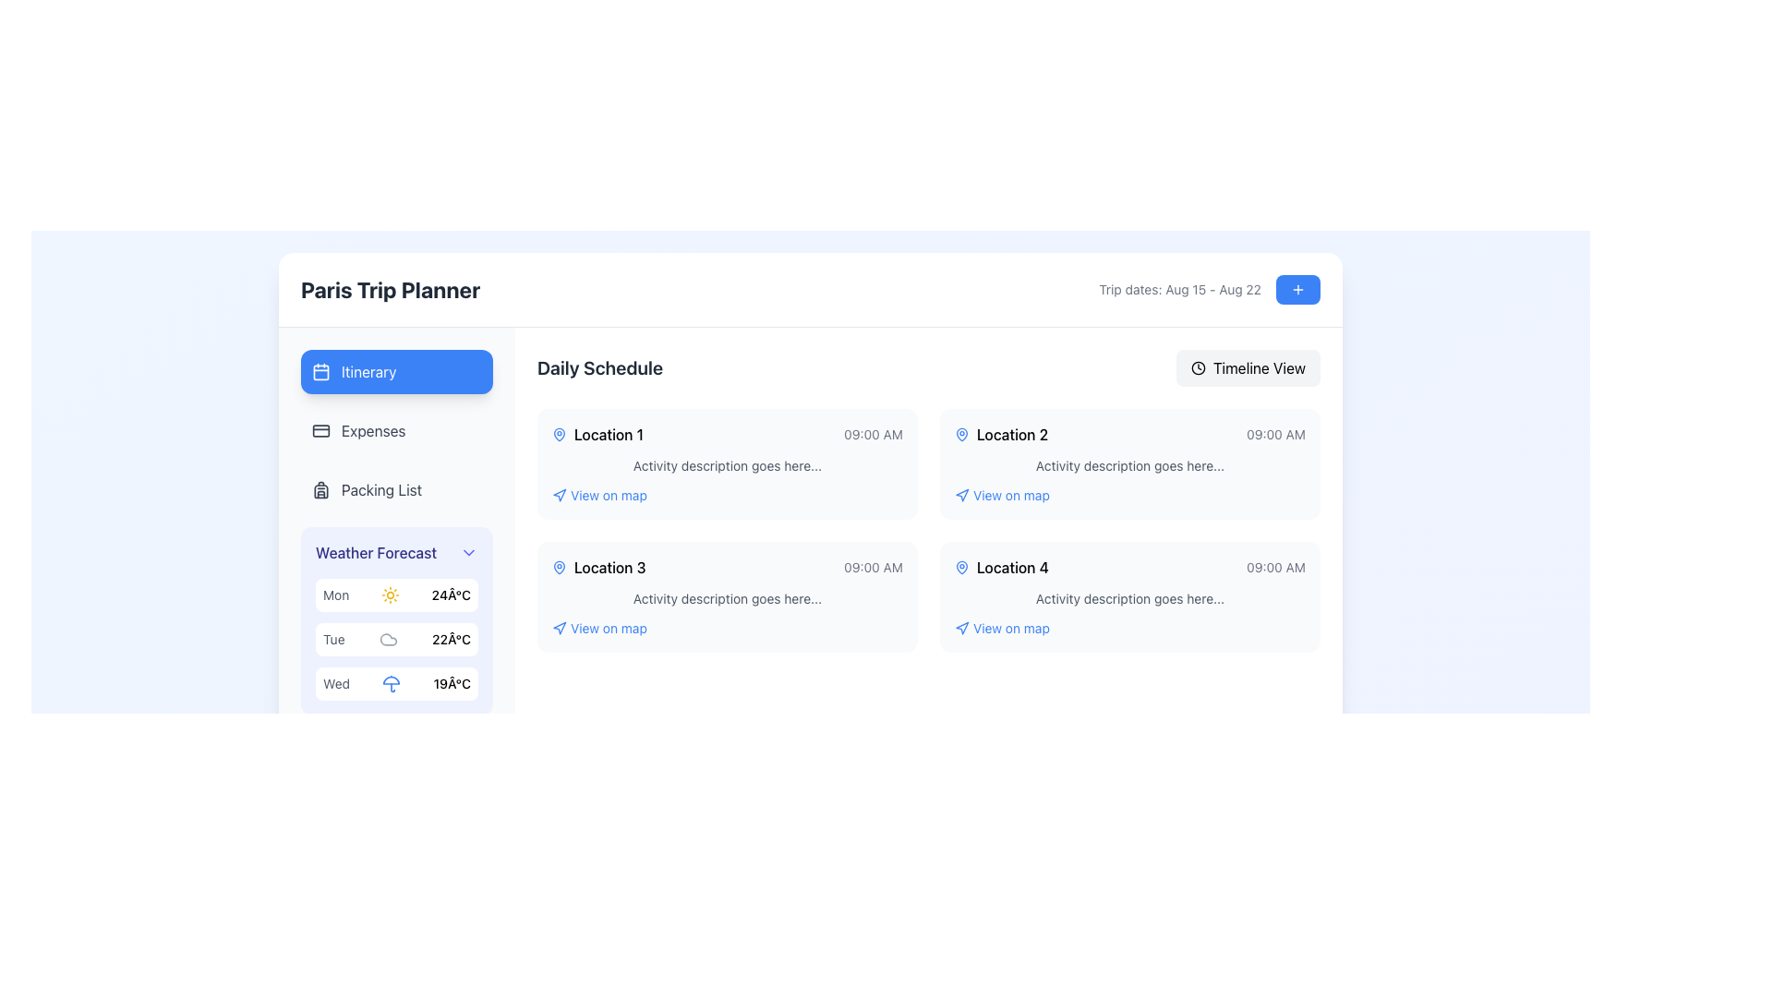 This screenshot has height=997, width=1773. I want to click on the small text label displaying the time '09:00 AM', which is styled in light gray and located at the right side of the 'Location 1' box, so click(872, 434).